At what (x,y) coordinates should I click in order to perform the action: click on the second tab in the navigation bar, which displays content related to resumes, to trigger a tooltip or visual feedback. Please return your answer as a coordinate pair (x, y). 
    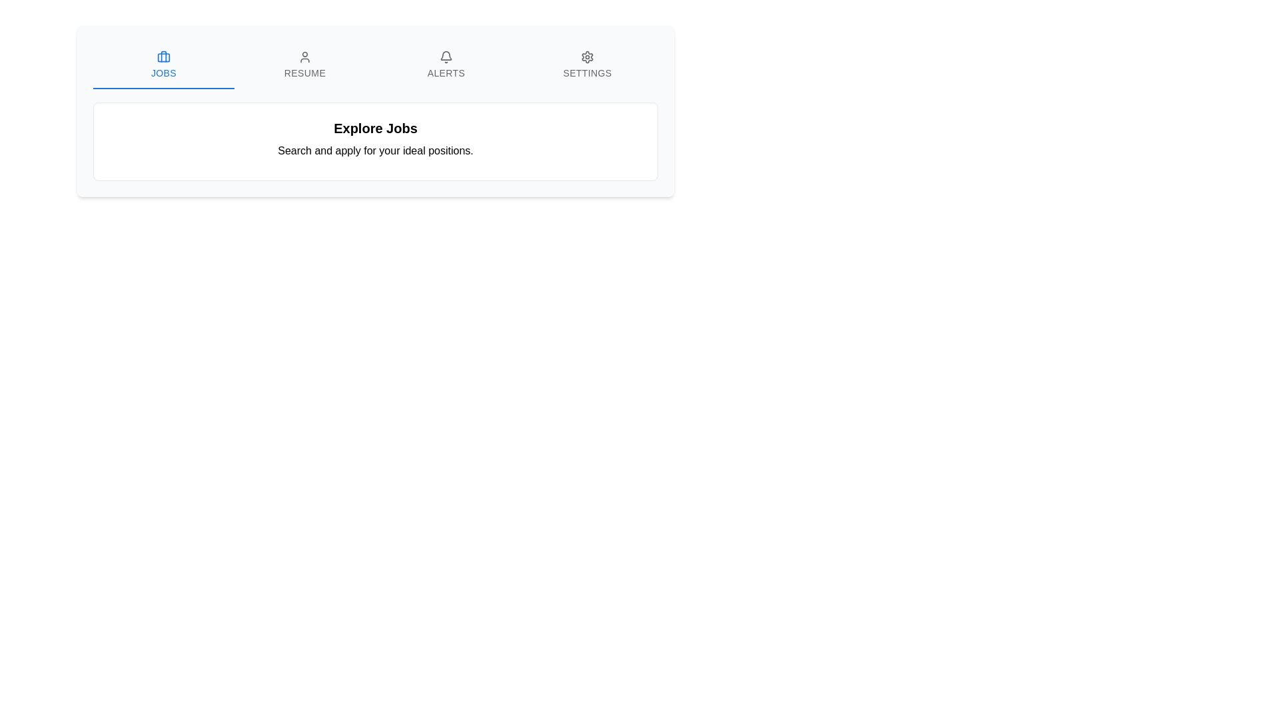
    Looking at the image, I should click on (304, 65).